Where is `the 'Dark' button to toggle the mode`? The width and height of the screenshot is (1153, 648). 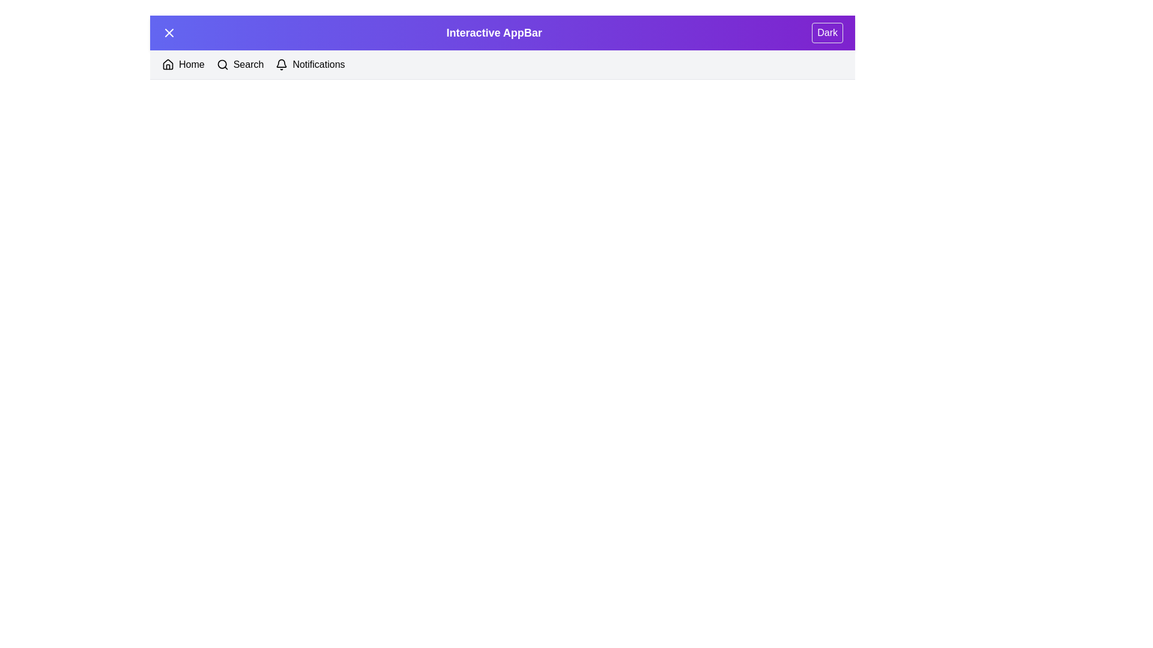 the 'Dark' button to toggle the mode is located at coordinates (826, 32).